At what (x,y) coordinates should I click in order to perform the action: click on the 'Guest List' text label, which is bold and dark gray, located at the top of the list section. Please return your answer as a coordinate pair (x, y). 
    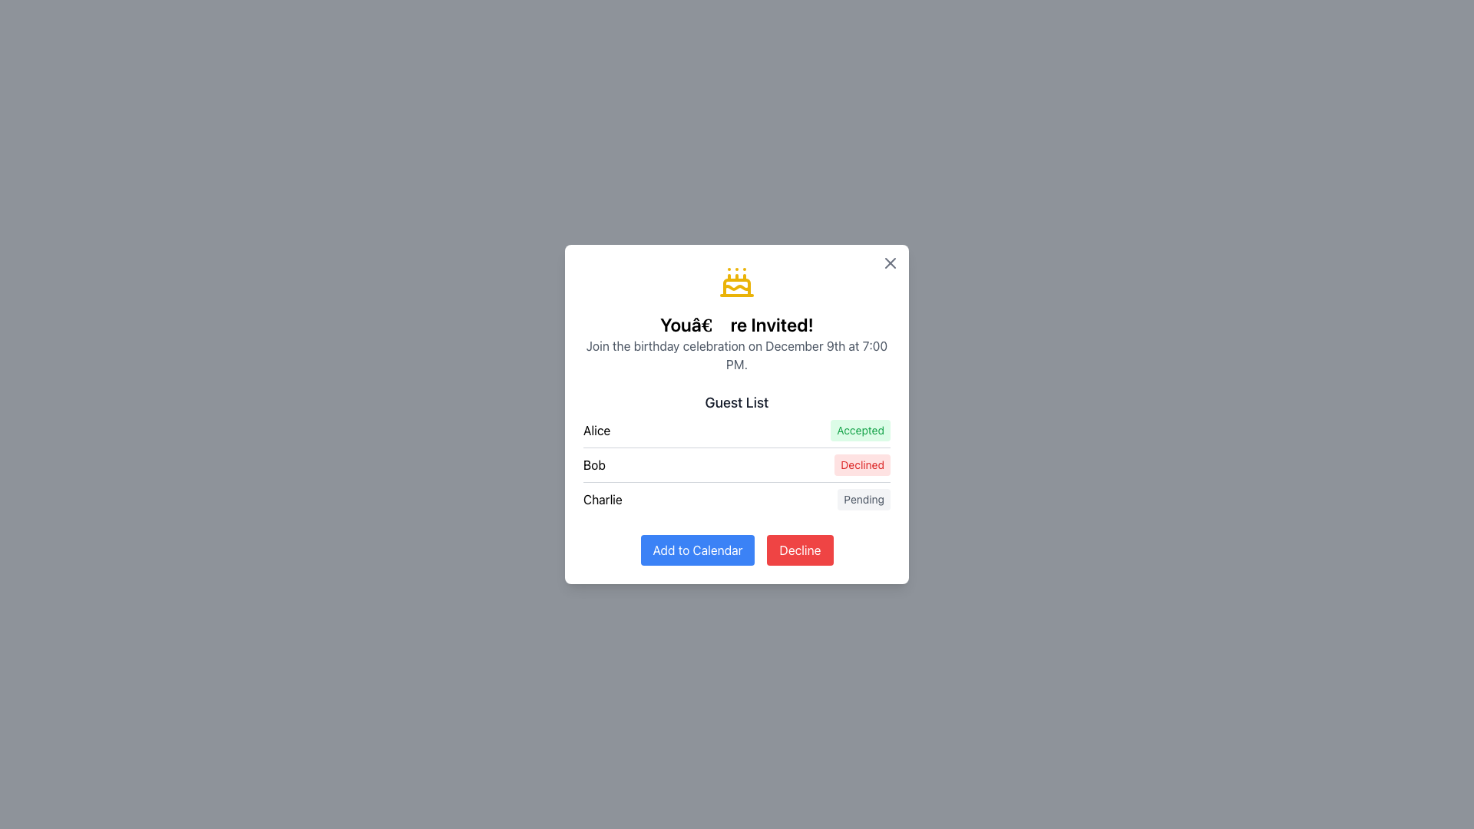
    Looking at the image, I should click on (737, 401).